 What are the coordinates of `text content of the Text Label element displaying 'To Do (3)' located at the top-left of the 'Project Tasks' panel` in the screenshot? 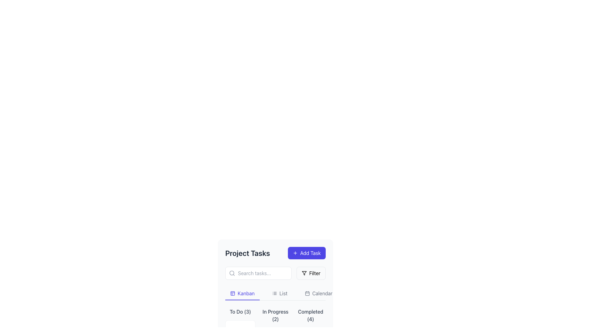 It's located at (240, 312).